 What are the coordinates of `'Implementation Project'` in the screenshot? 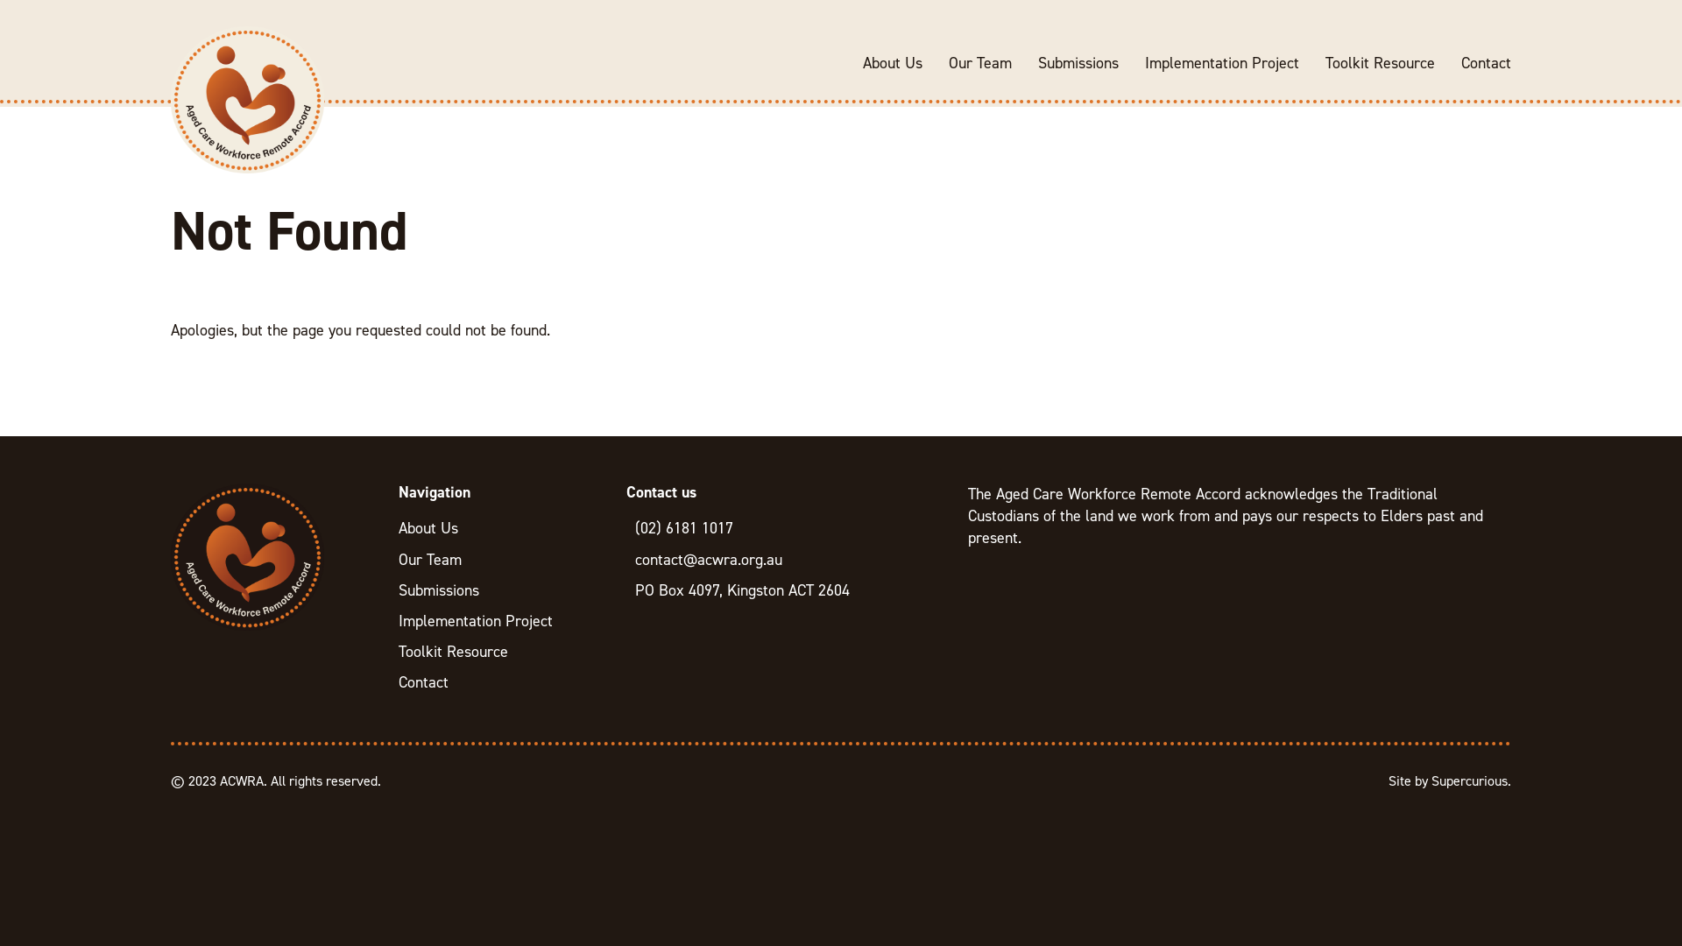 It's located at (498, 620).